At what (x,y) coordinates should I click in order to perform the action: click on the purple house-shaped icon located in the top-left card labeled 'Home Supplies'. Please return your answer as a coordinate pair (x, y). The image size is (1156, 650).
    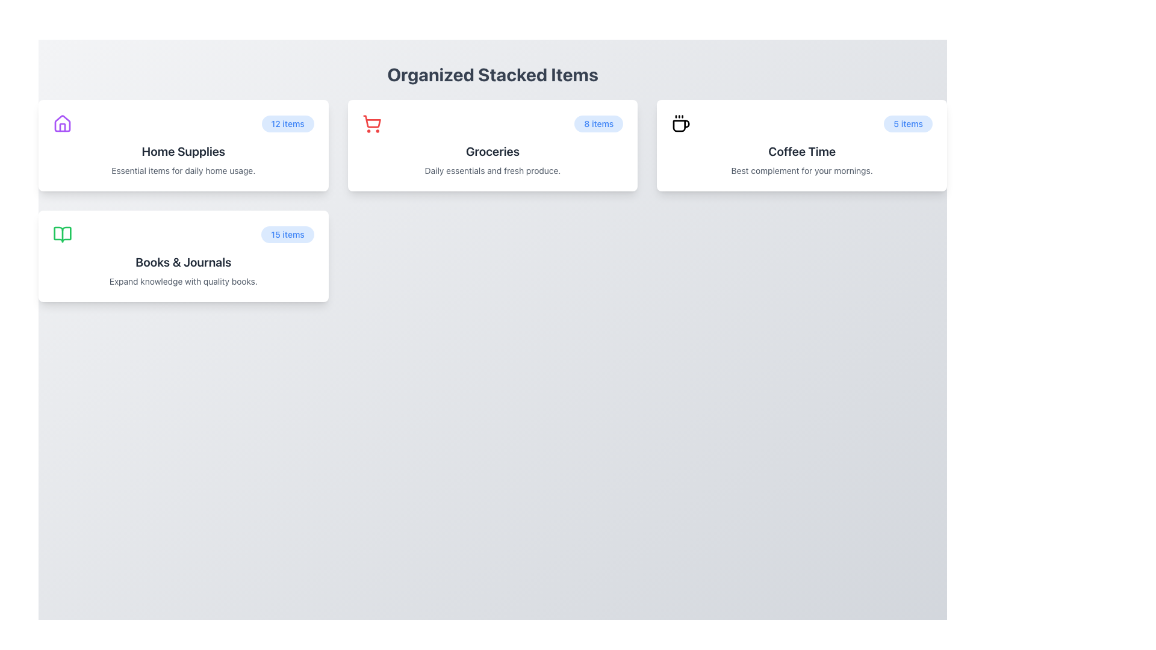
    Looking at the image, I should click on (62, 123).